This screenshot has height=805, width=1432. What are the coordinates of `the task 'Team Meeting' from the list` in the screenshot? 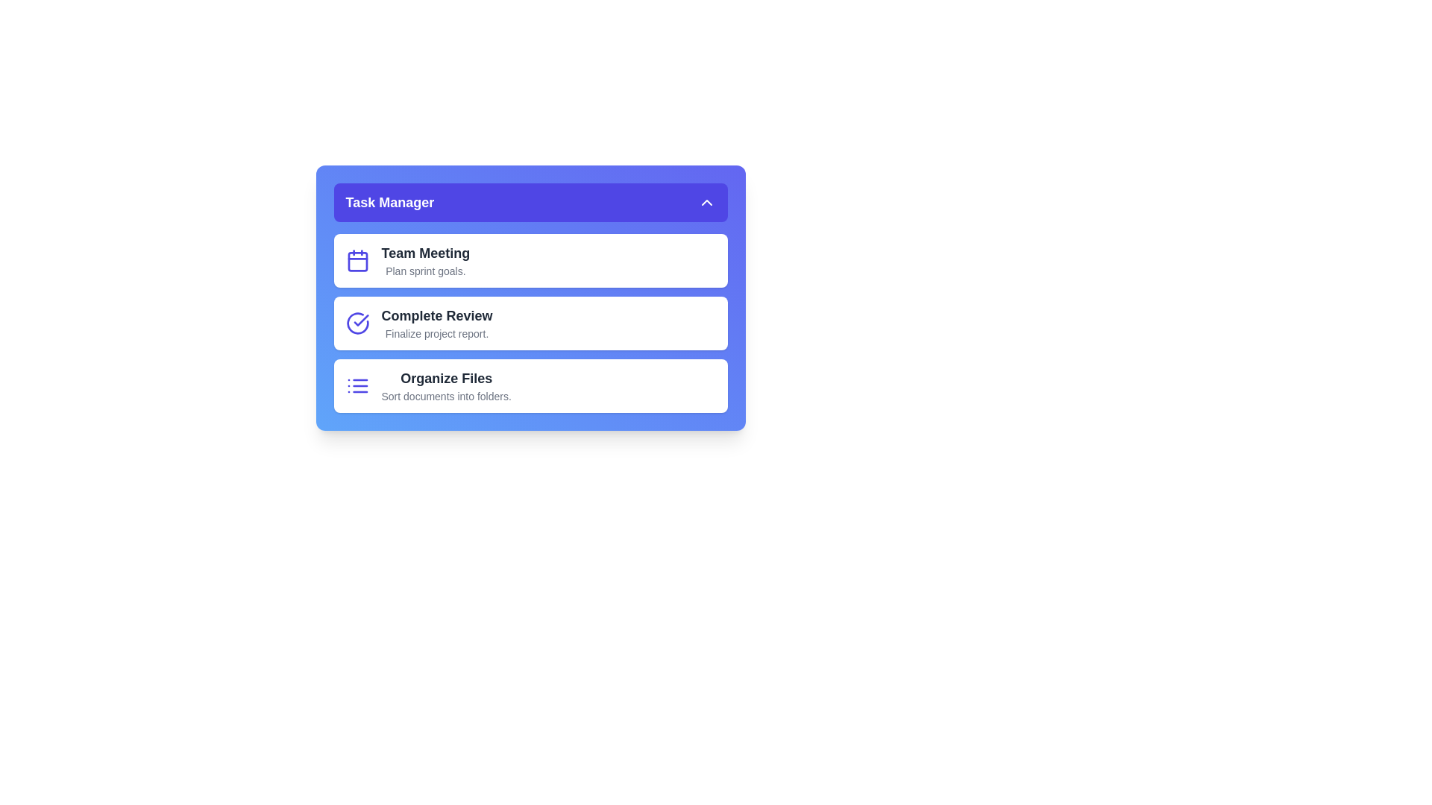 It's located at (530, 260).